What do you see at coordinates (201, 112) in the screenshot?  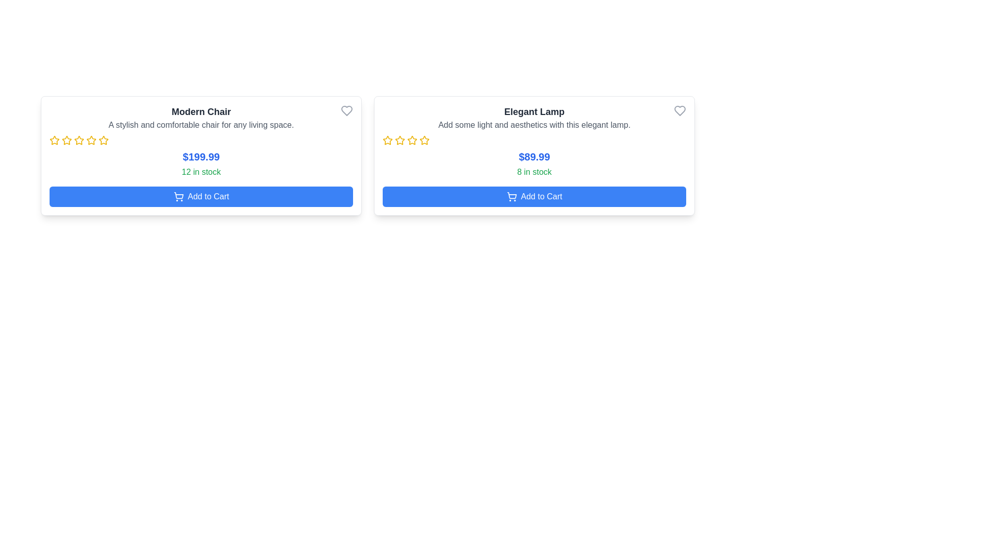 I see `the bold text label reading 'Modern Chair' which is positioned at the top of the leftmost product card in the visible list of product cards` at bounding box center [201, 112].